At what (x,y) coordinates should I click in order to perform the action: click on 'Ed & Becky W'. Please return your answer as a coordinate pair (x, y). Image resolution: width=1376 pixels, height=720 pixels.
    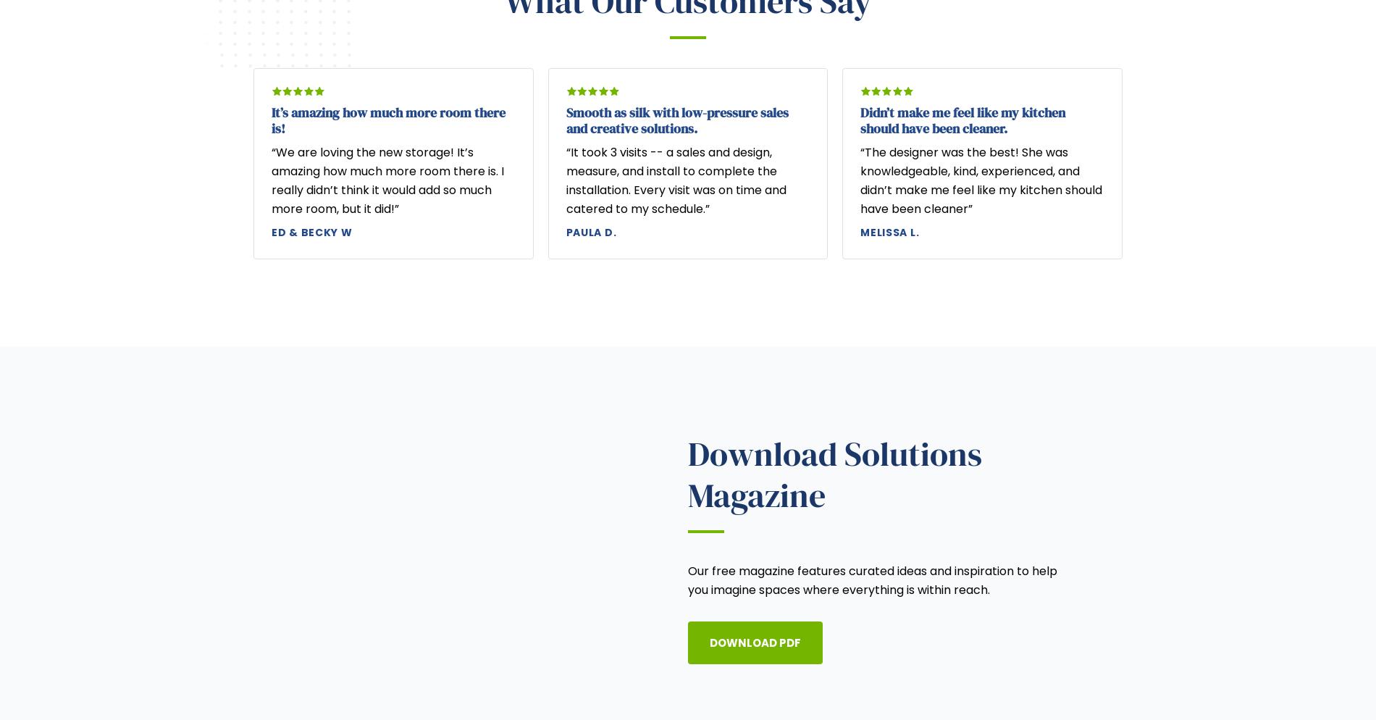
    Looking at the image, I should click on (311, 232).